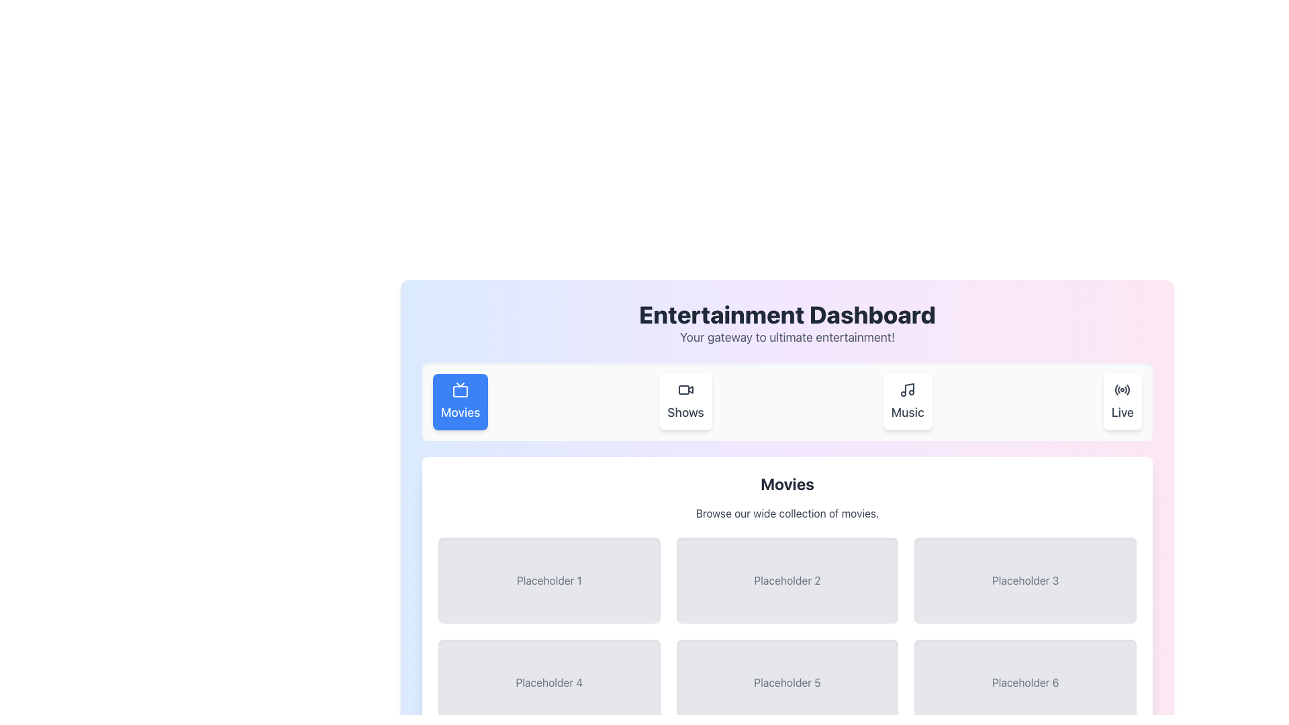 The height and width of the screenshot is (725, 1289). Describe the element at coordinates (690, 389) in the screenshot. I see `the 'Shows' icon button located in the second position of the horizontal menu bar` at that location.